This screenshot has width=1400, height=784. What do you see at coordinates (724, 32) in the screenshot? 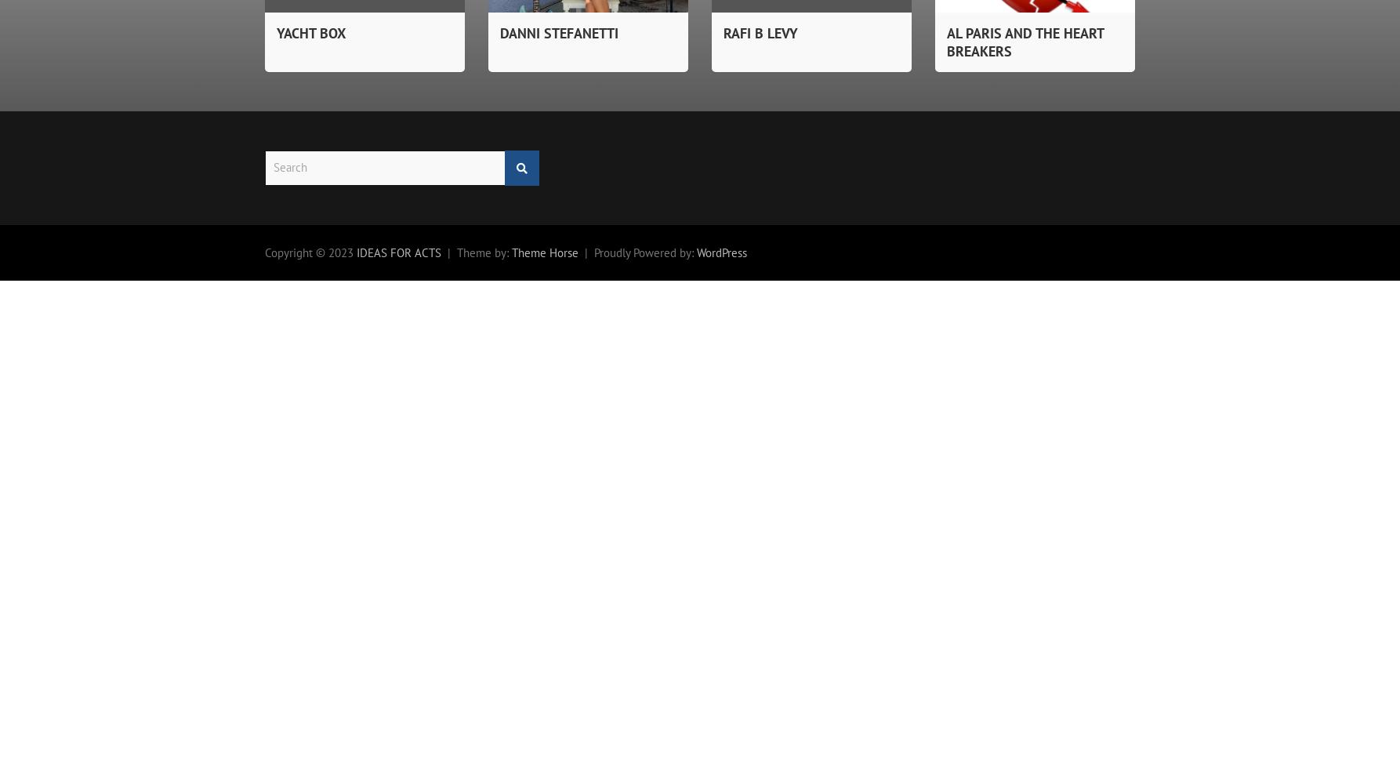
I see `'RAFI B LEVY'` at bounding box center [724, 32].